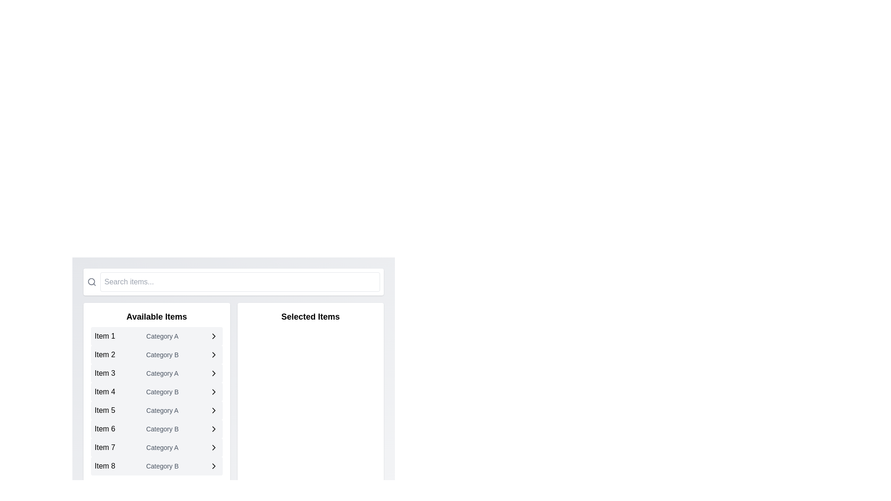 Image resolution: width=891 pixels, height=501 pixels. Describe the element at coordinates (162, 447) in the screenshot. I see `the static text label that displays the category associated with 'Item 7', located in the 'Available Items' section, to the right of 'Item 7' and to the left of an arrow icon` at that location.